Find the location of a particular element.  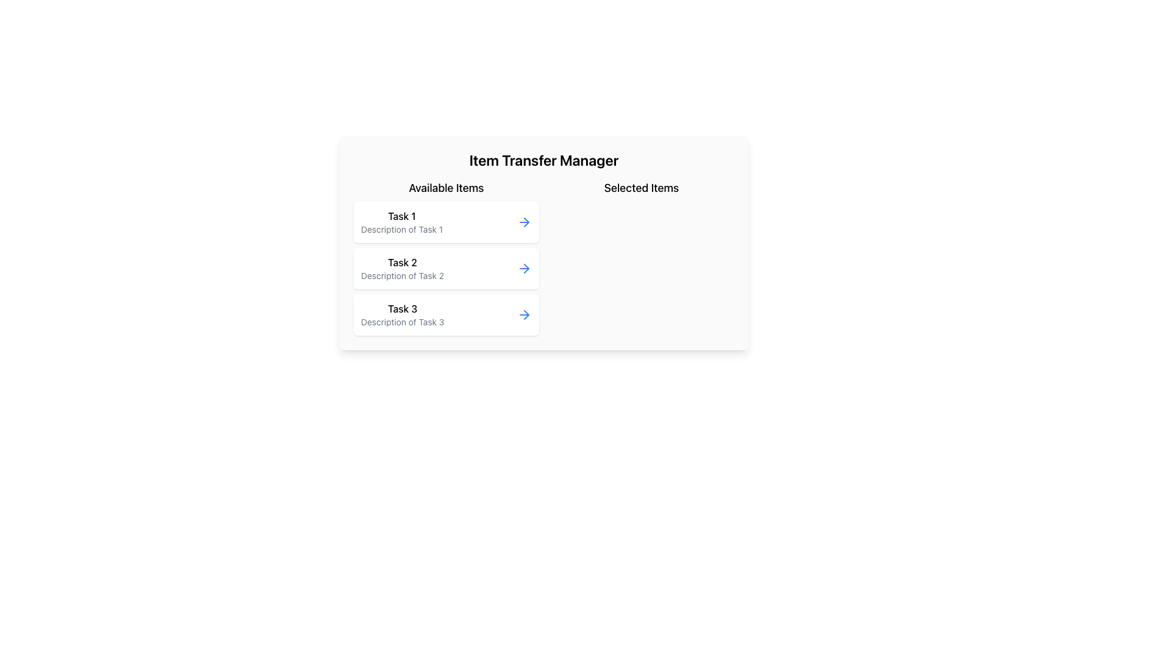

the text label component displaying 'Description of Task 2', which is positioned immediately below the bolded 'Task 2' title in the 'Available Items' section is located at coordinates (403, 275).